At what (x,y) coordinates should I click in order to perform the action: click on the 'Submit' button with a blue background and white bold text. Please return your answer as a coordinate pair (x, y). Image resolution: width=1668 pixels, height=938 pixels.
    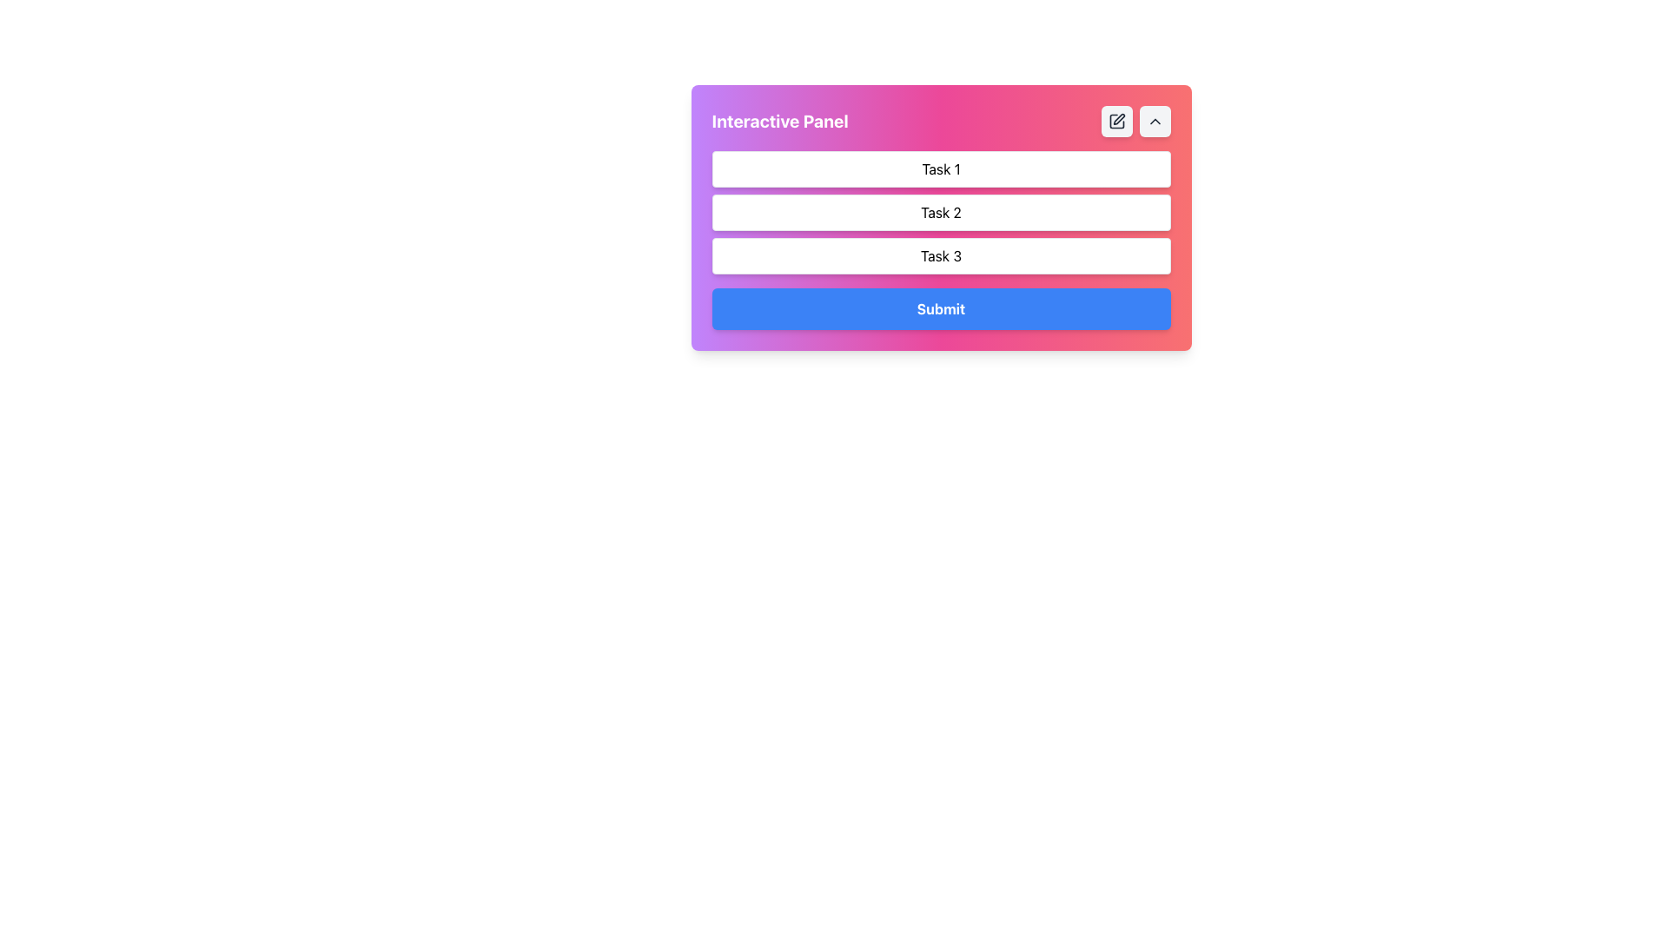
    Looking at the image, I should click on (940, 307).